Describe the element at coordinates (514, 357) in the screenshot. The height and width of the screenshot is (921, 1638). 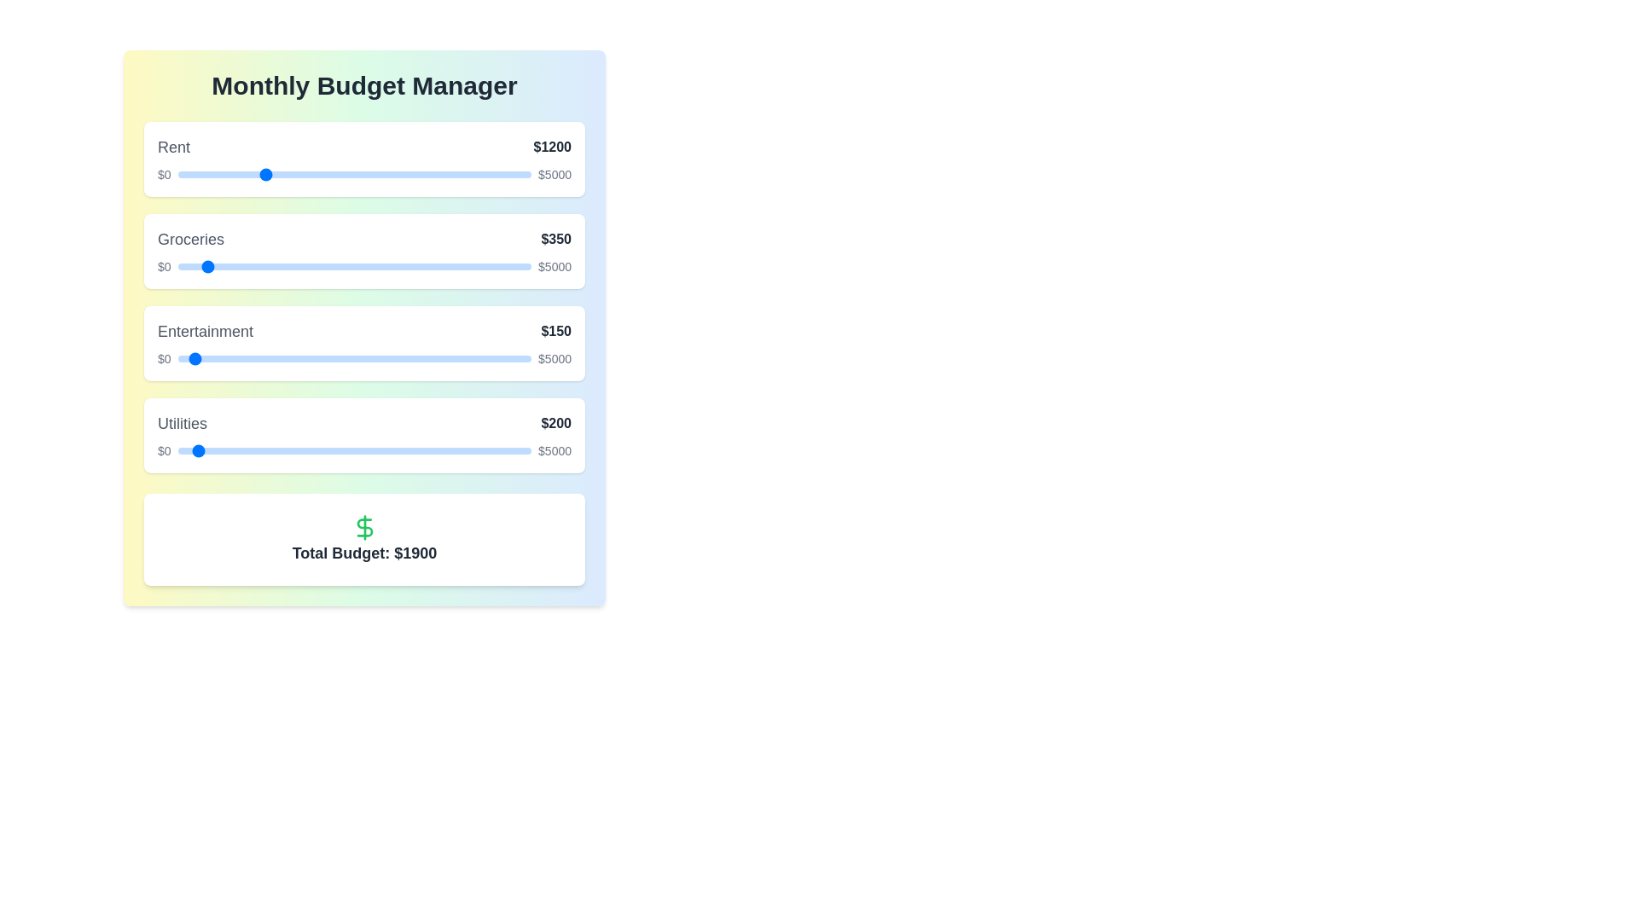
I see `the entertainment budget slider` at that location.